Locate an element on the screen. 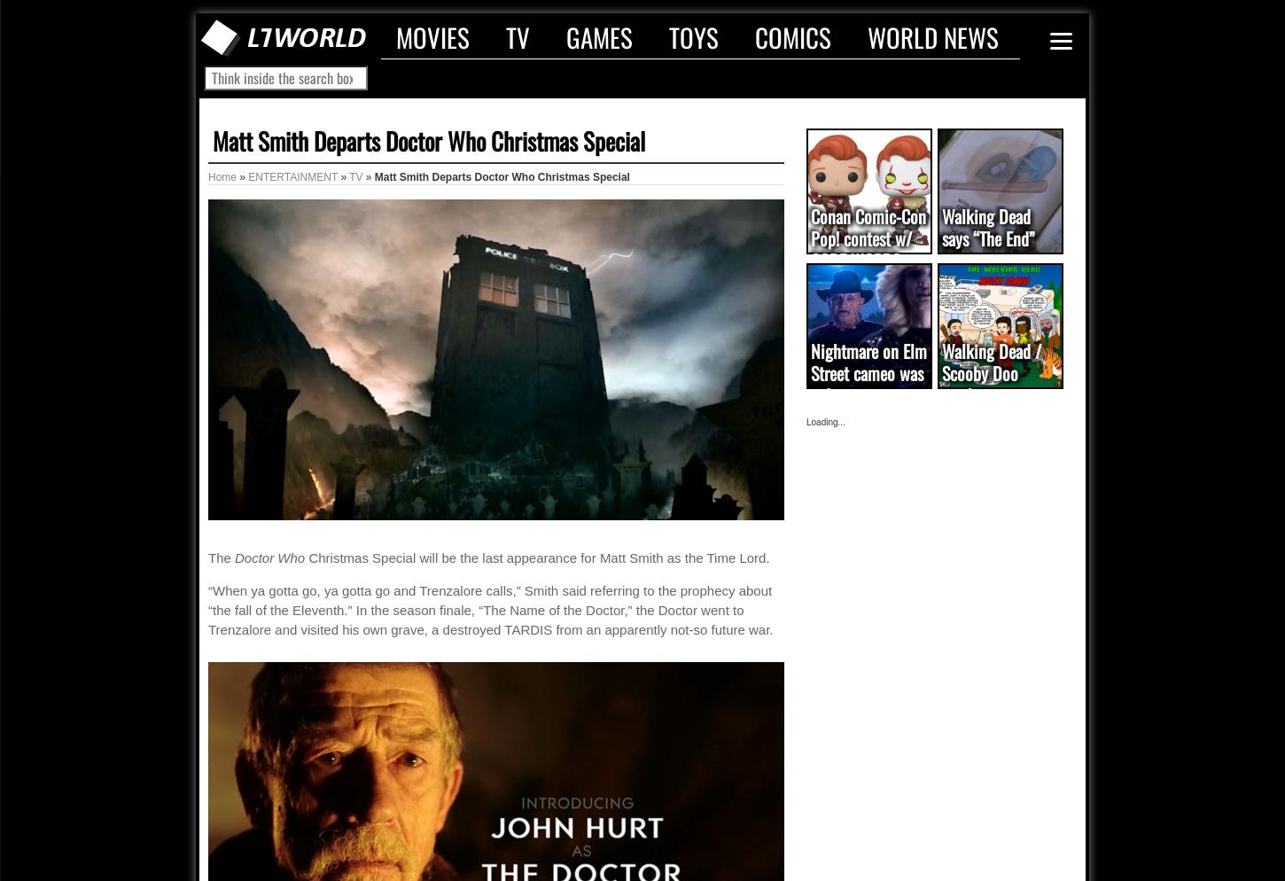  'TOYS' is located at coordinates (694, 35).